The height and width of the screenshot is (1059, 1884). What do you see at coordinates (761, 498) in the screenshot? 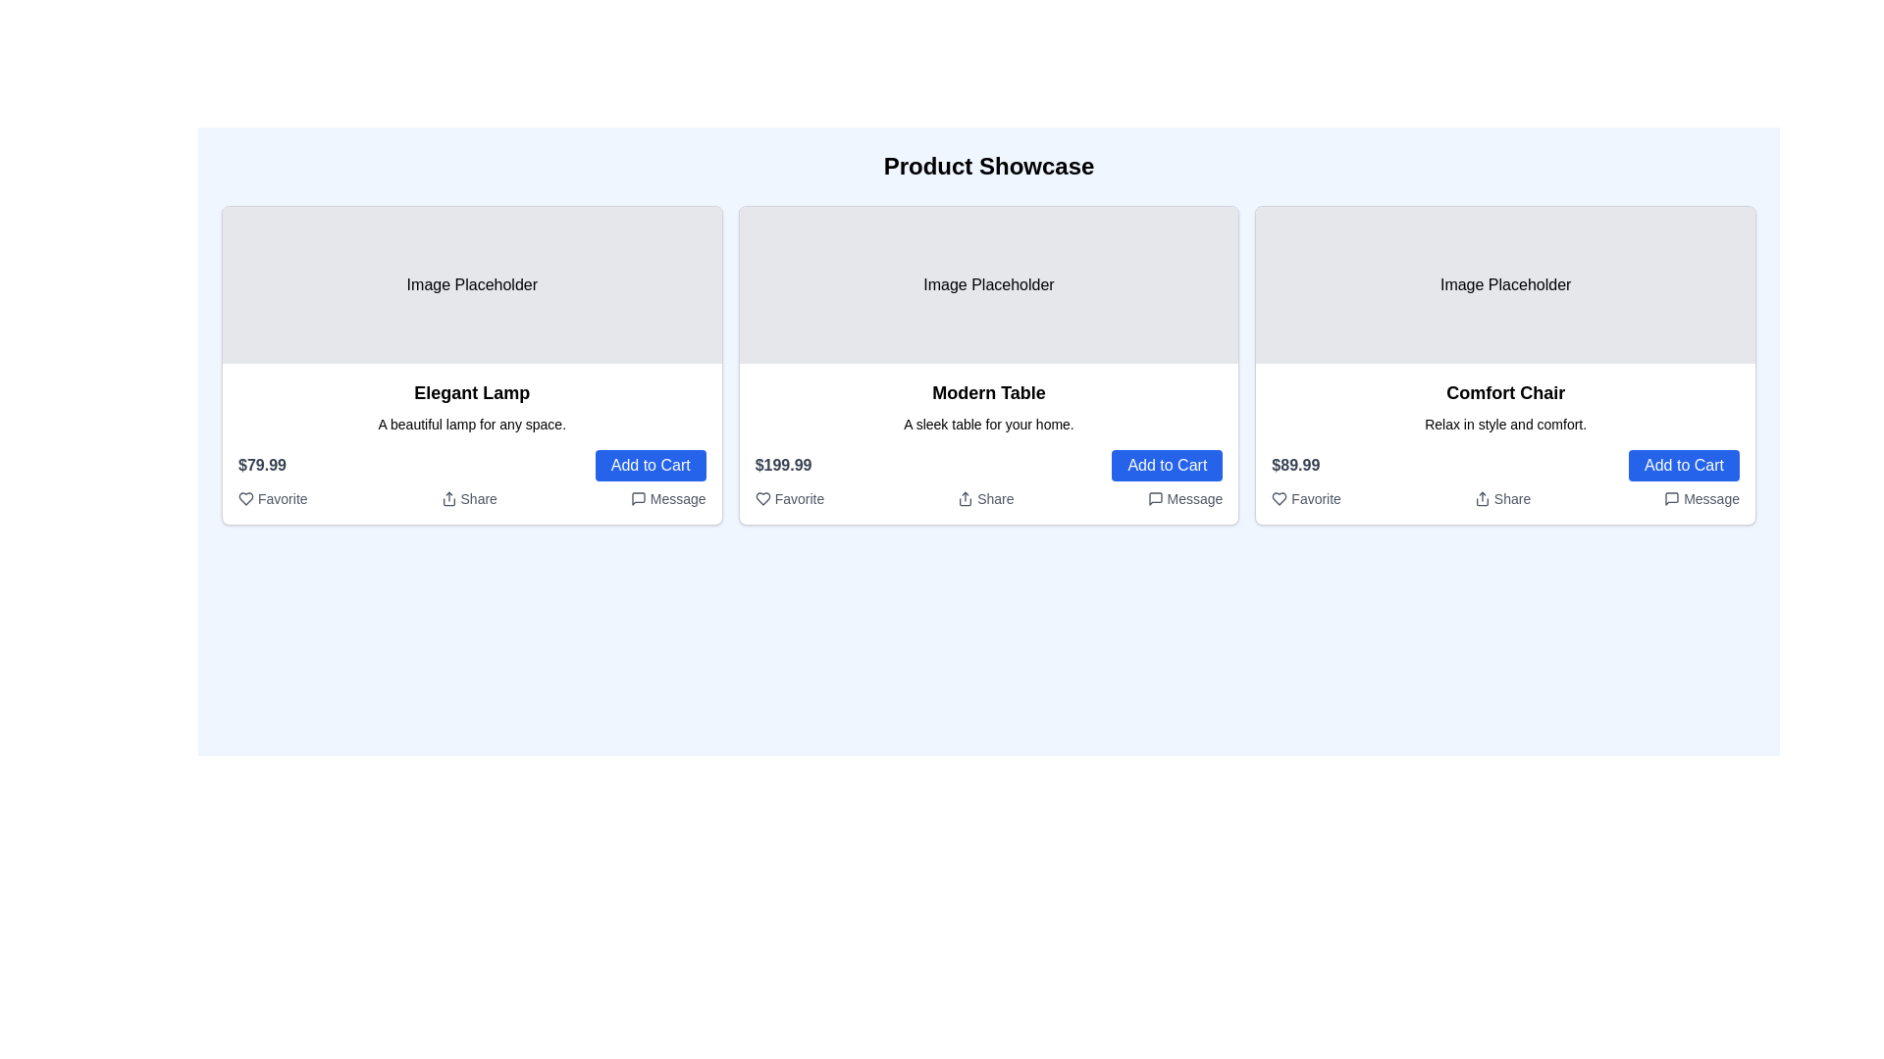
I see `the favorite icon associated with the 'Modern Table' product to mark it as a favorite` at bounding box center [761, 498].